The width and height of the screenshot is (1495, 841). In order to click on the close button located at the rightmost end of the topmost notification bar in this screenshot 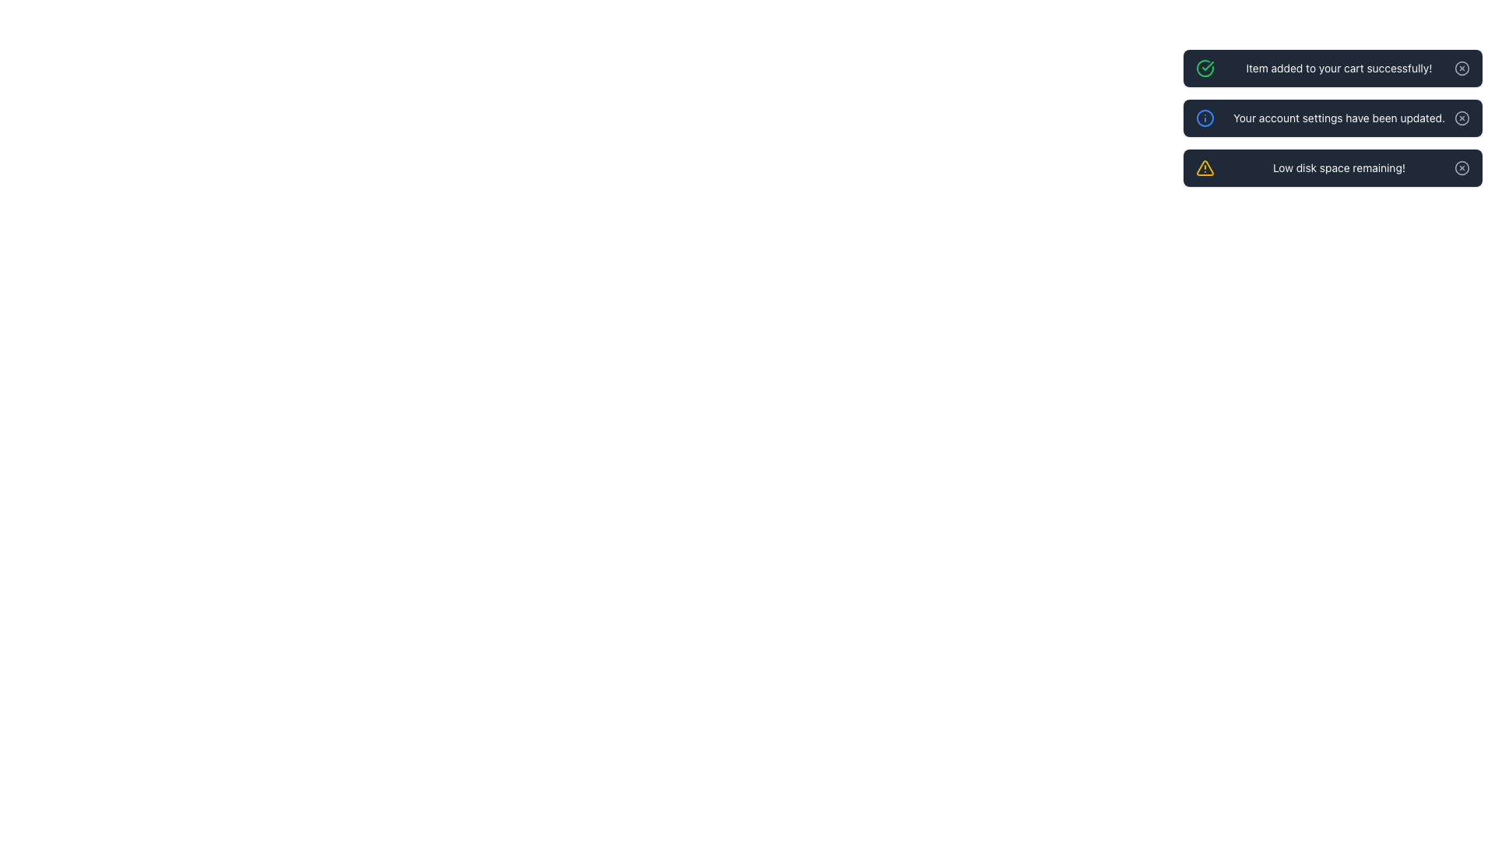, I will do `click(1461, 68)`.